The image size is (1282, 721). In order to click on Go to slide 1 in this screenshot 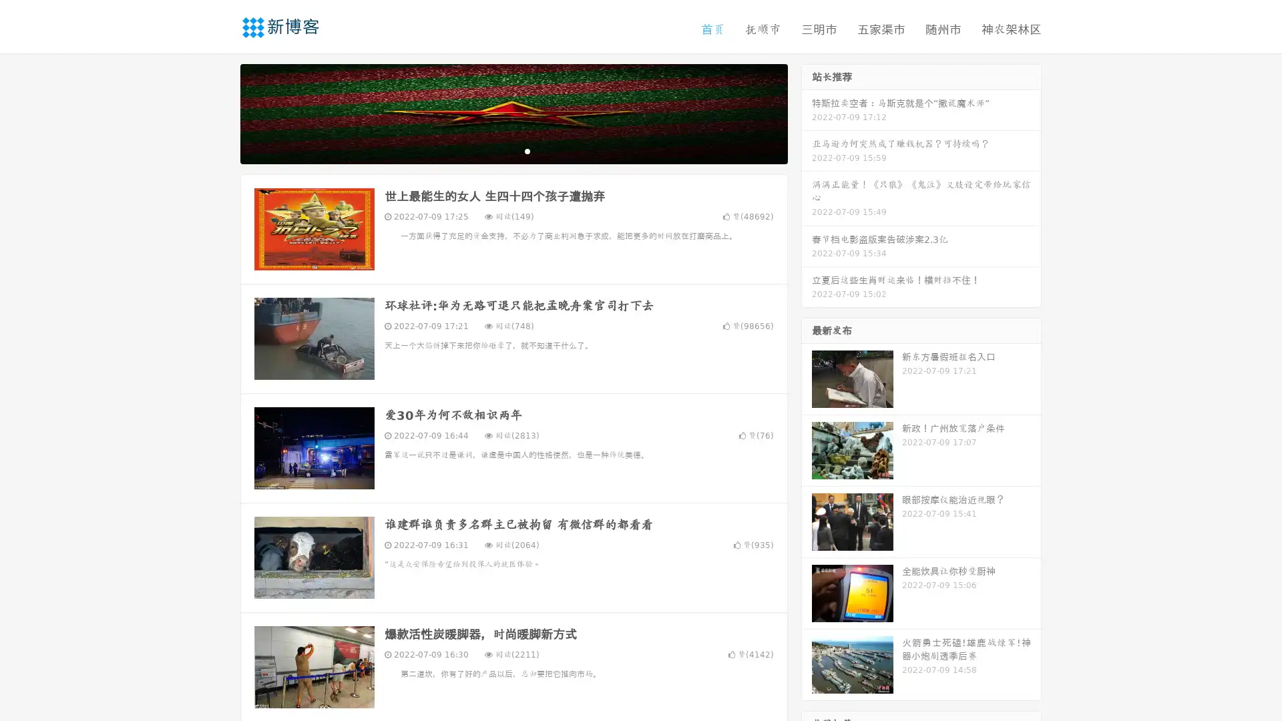, I will do `click(499, 150)`.